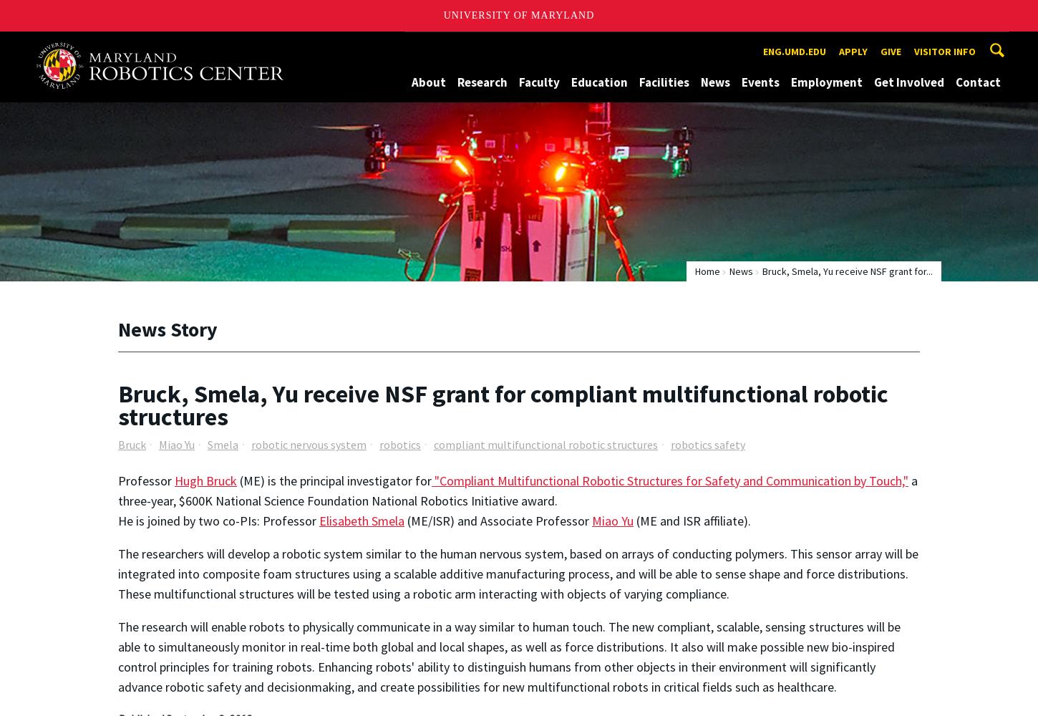  I want to click on 'Get Involved', so click(909, 81).